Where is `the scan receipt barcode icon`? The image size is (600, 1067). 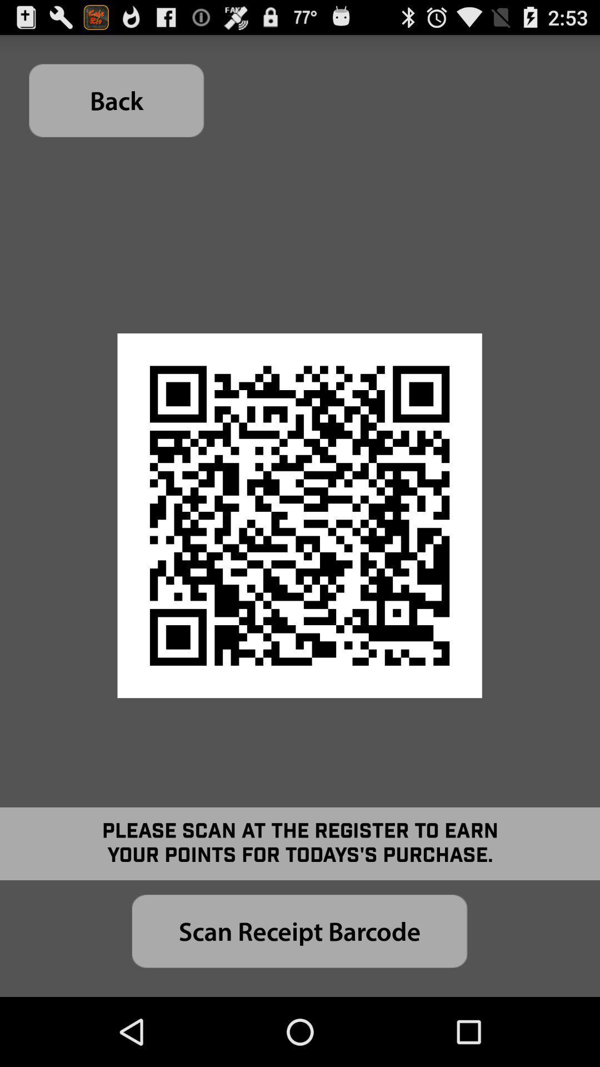
the scan receipt barcode icon is located at coordinates (299, 931).